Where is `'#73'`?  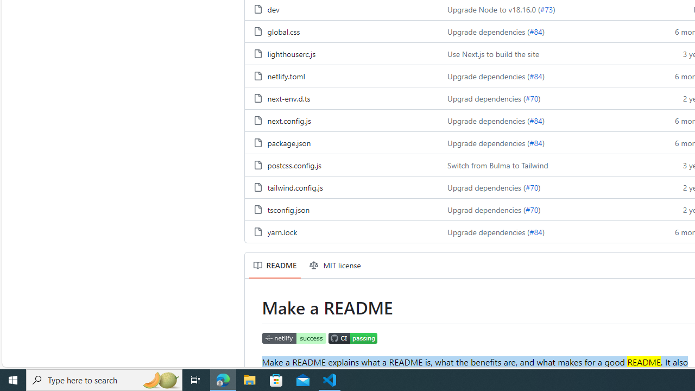
'#73' is located at coordinates (546, 9).